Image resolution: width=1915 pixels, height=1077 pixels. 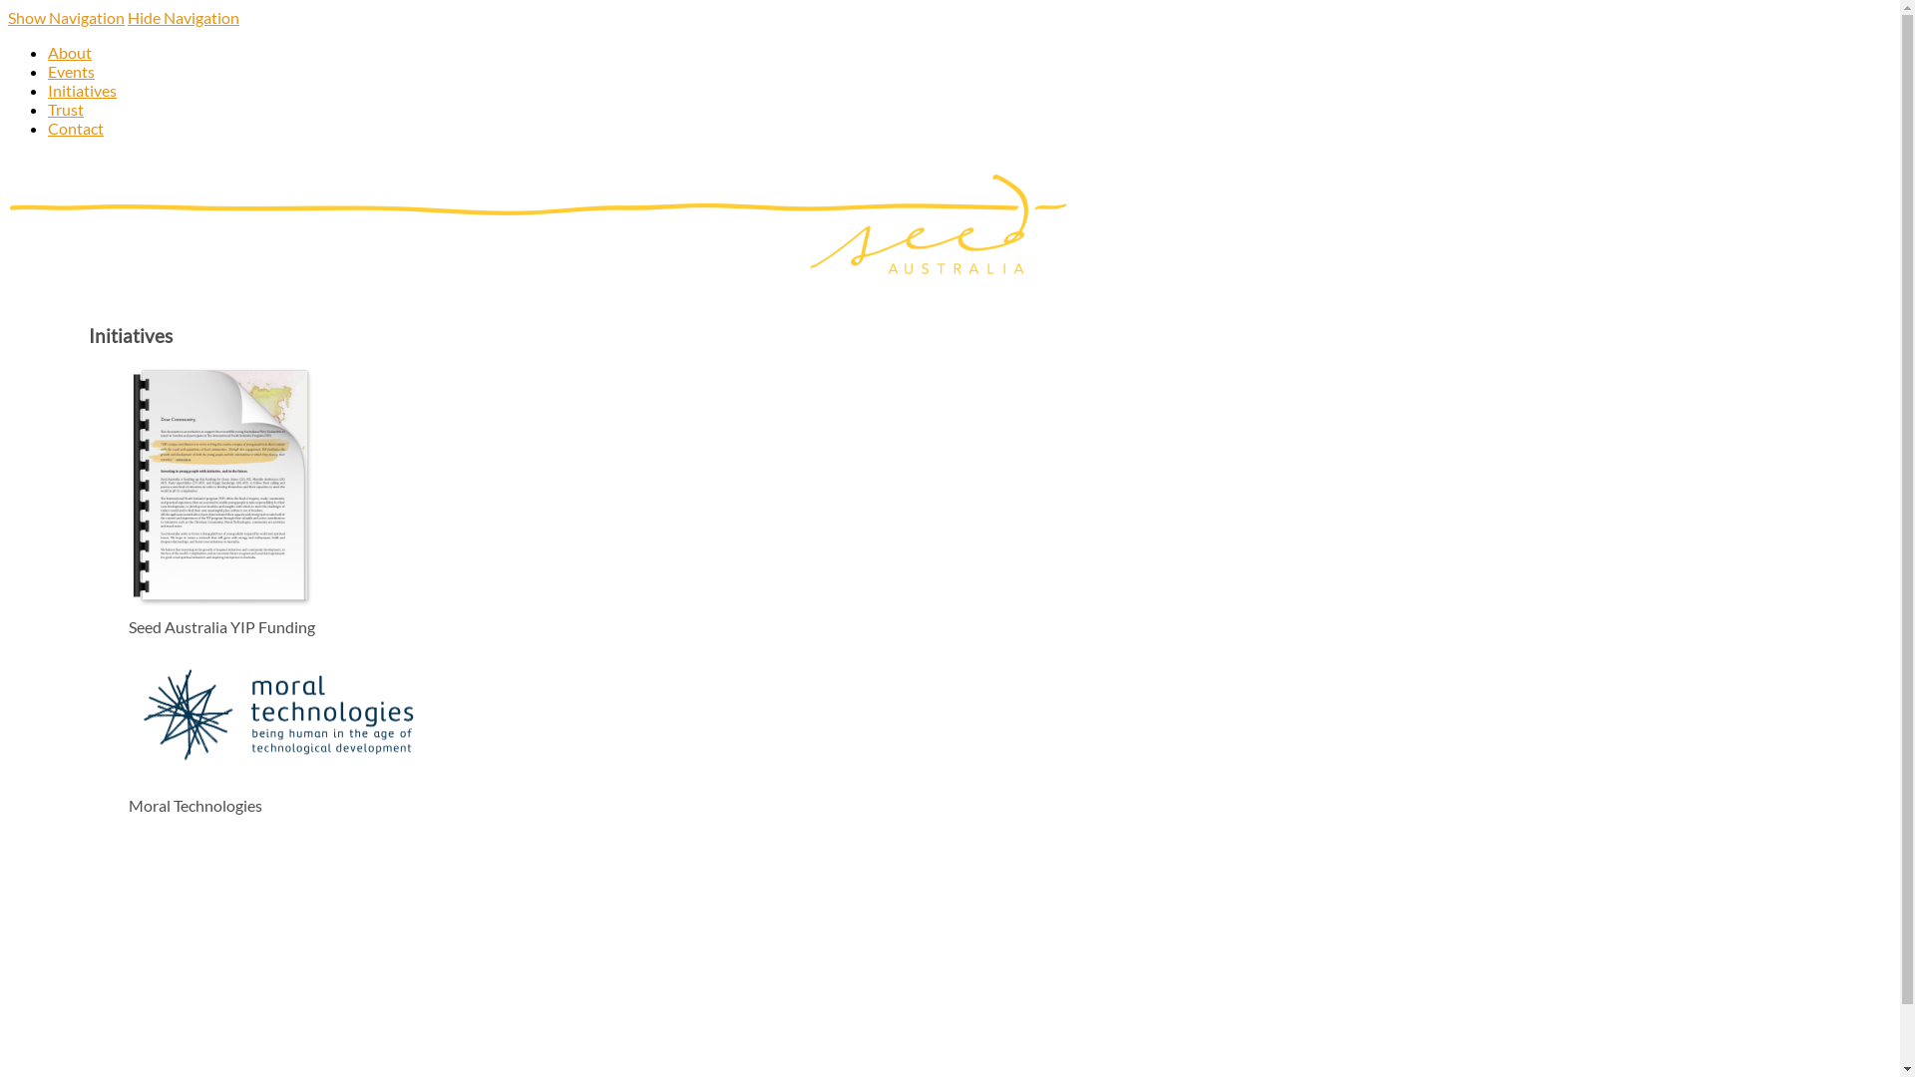 What do you see at coordinates (183, 17) in the screenshot?
I see `'Hide Navigation'` at bounding box center [183, 17].